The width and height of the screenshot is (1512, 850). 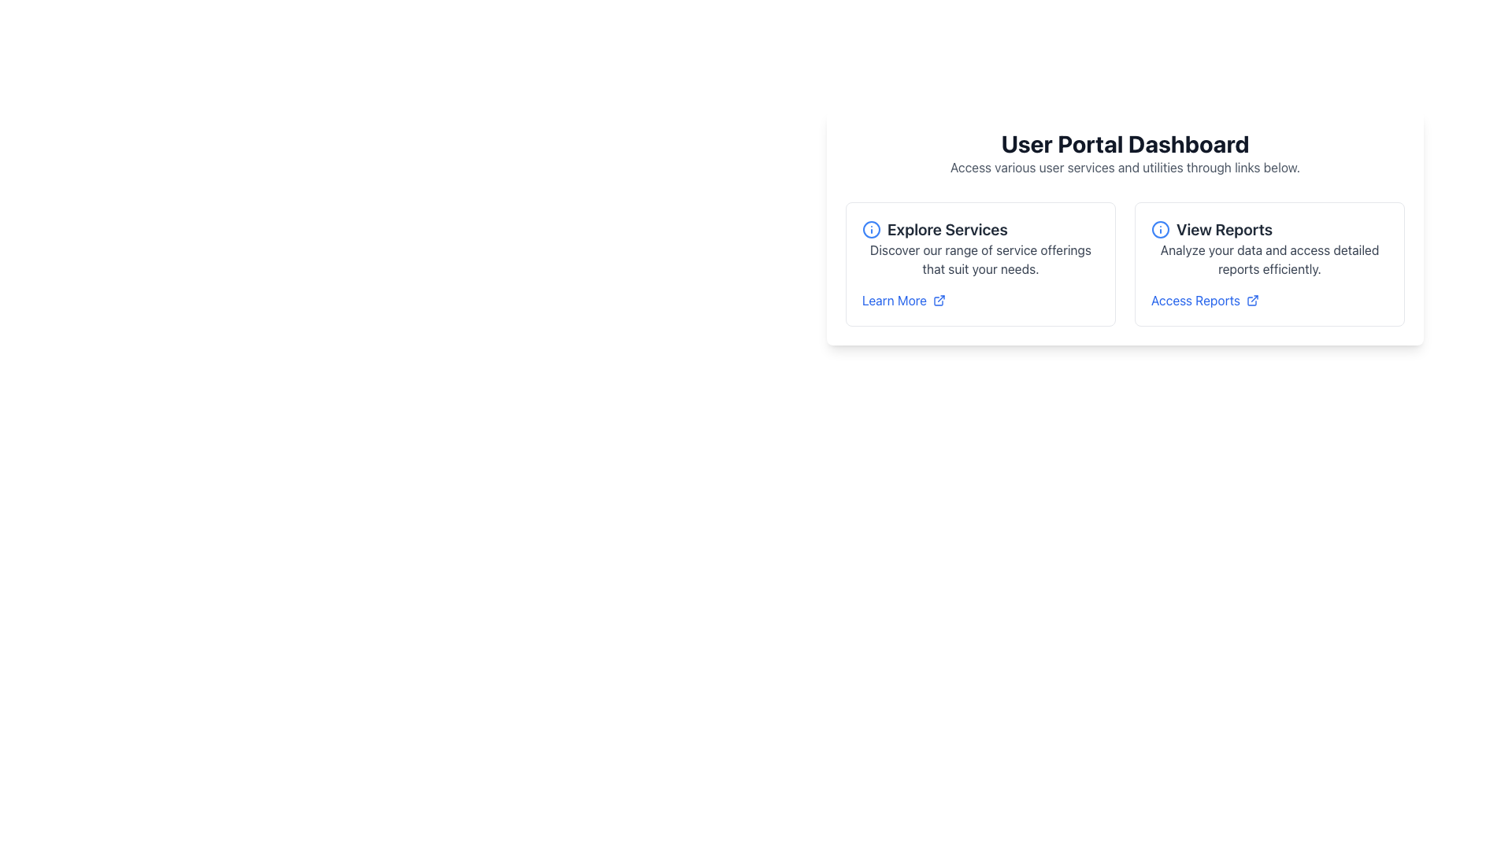 I want to click on the external link icon located next to the 'Learn More' text in the 'Explore Services' section, so click(x=939, y=300).